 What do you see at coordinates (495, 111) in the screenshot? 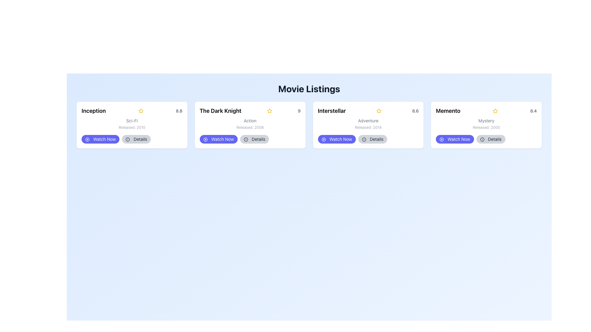
I see `the star-shaped golden-yellow icon indicating a favorite or rating for the movie 'Memento', positioned in the top-right section of the listing card` at bounding box center [495, 111].